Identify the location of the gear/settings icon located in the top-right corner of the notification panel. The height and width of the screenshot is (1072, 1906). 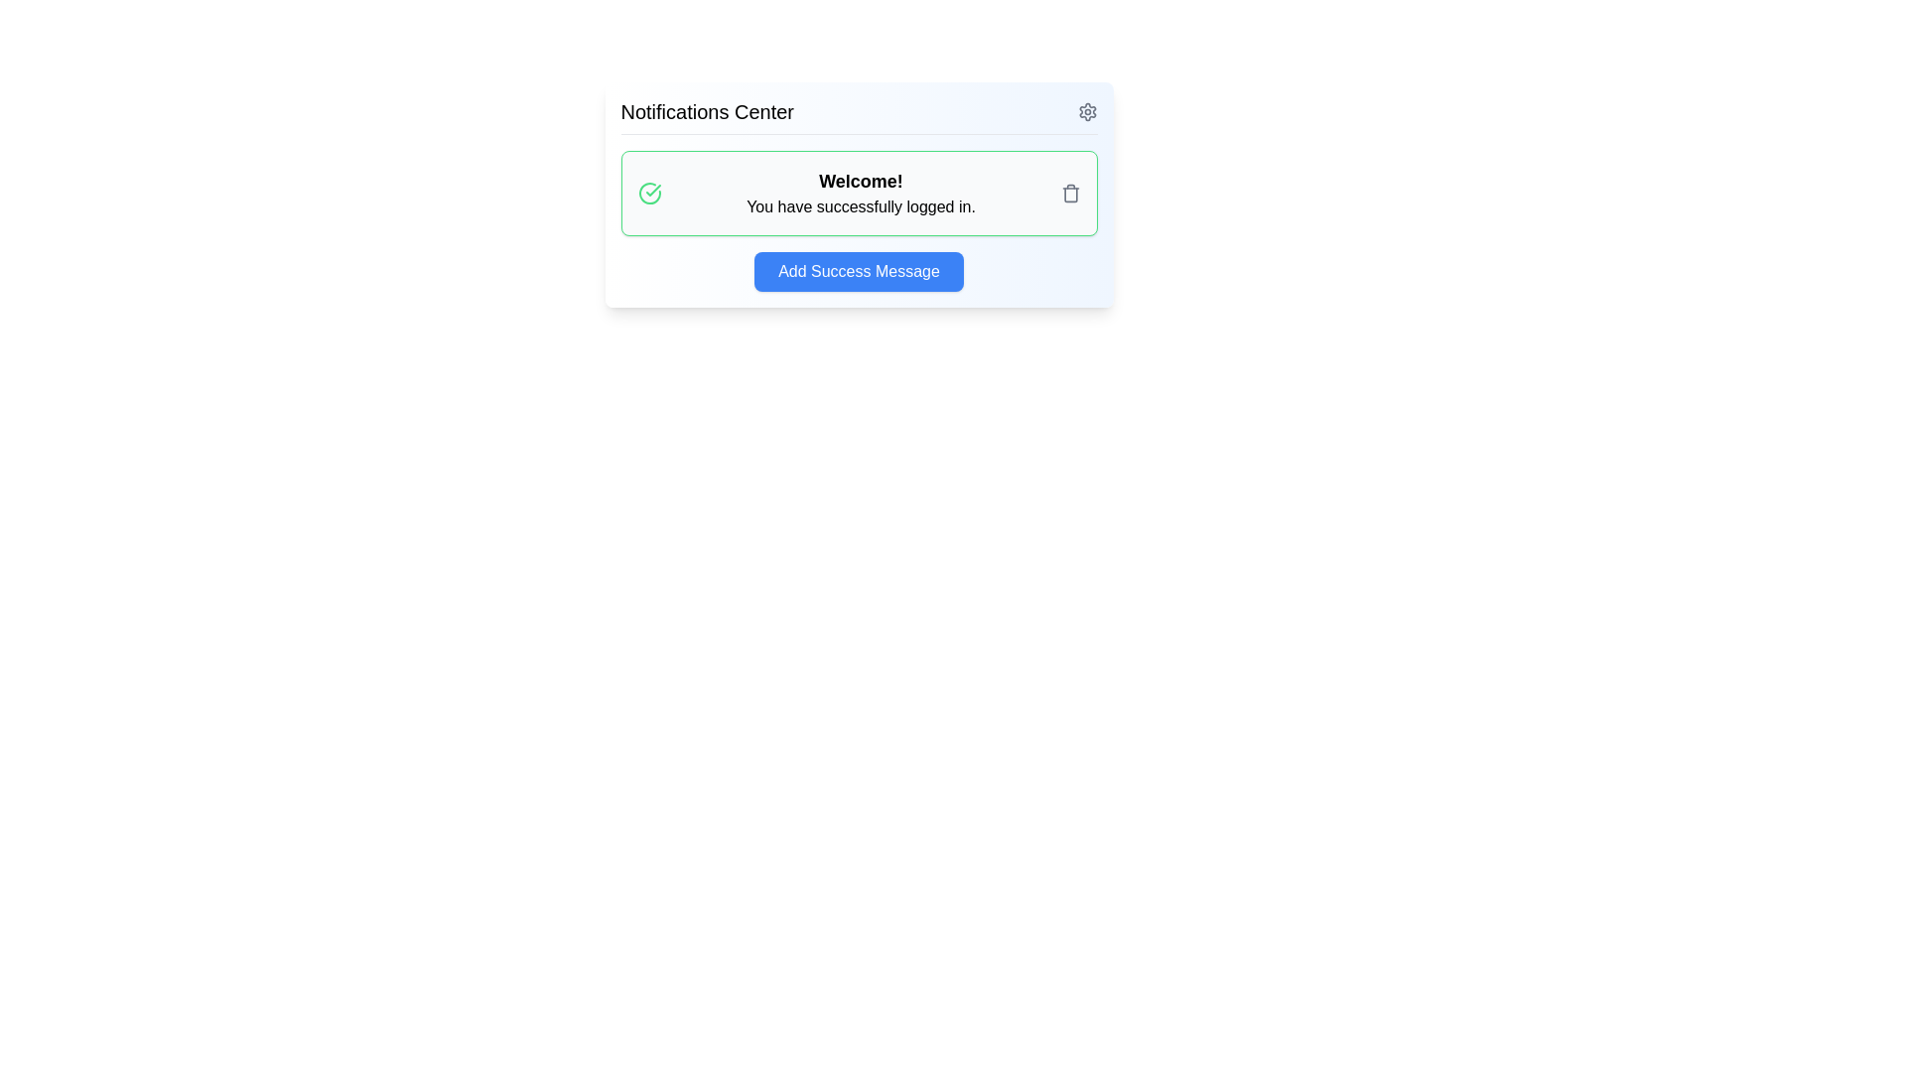
(1086, 111).